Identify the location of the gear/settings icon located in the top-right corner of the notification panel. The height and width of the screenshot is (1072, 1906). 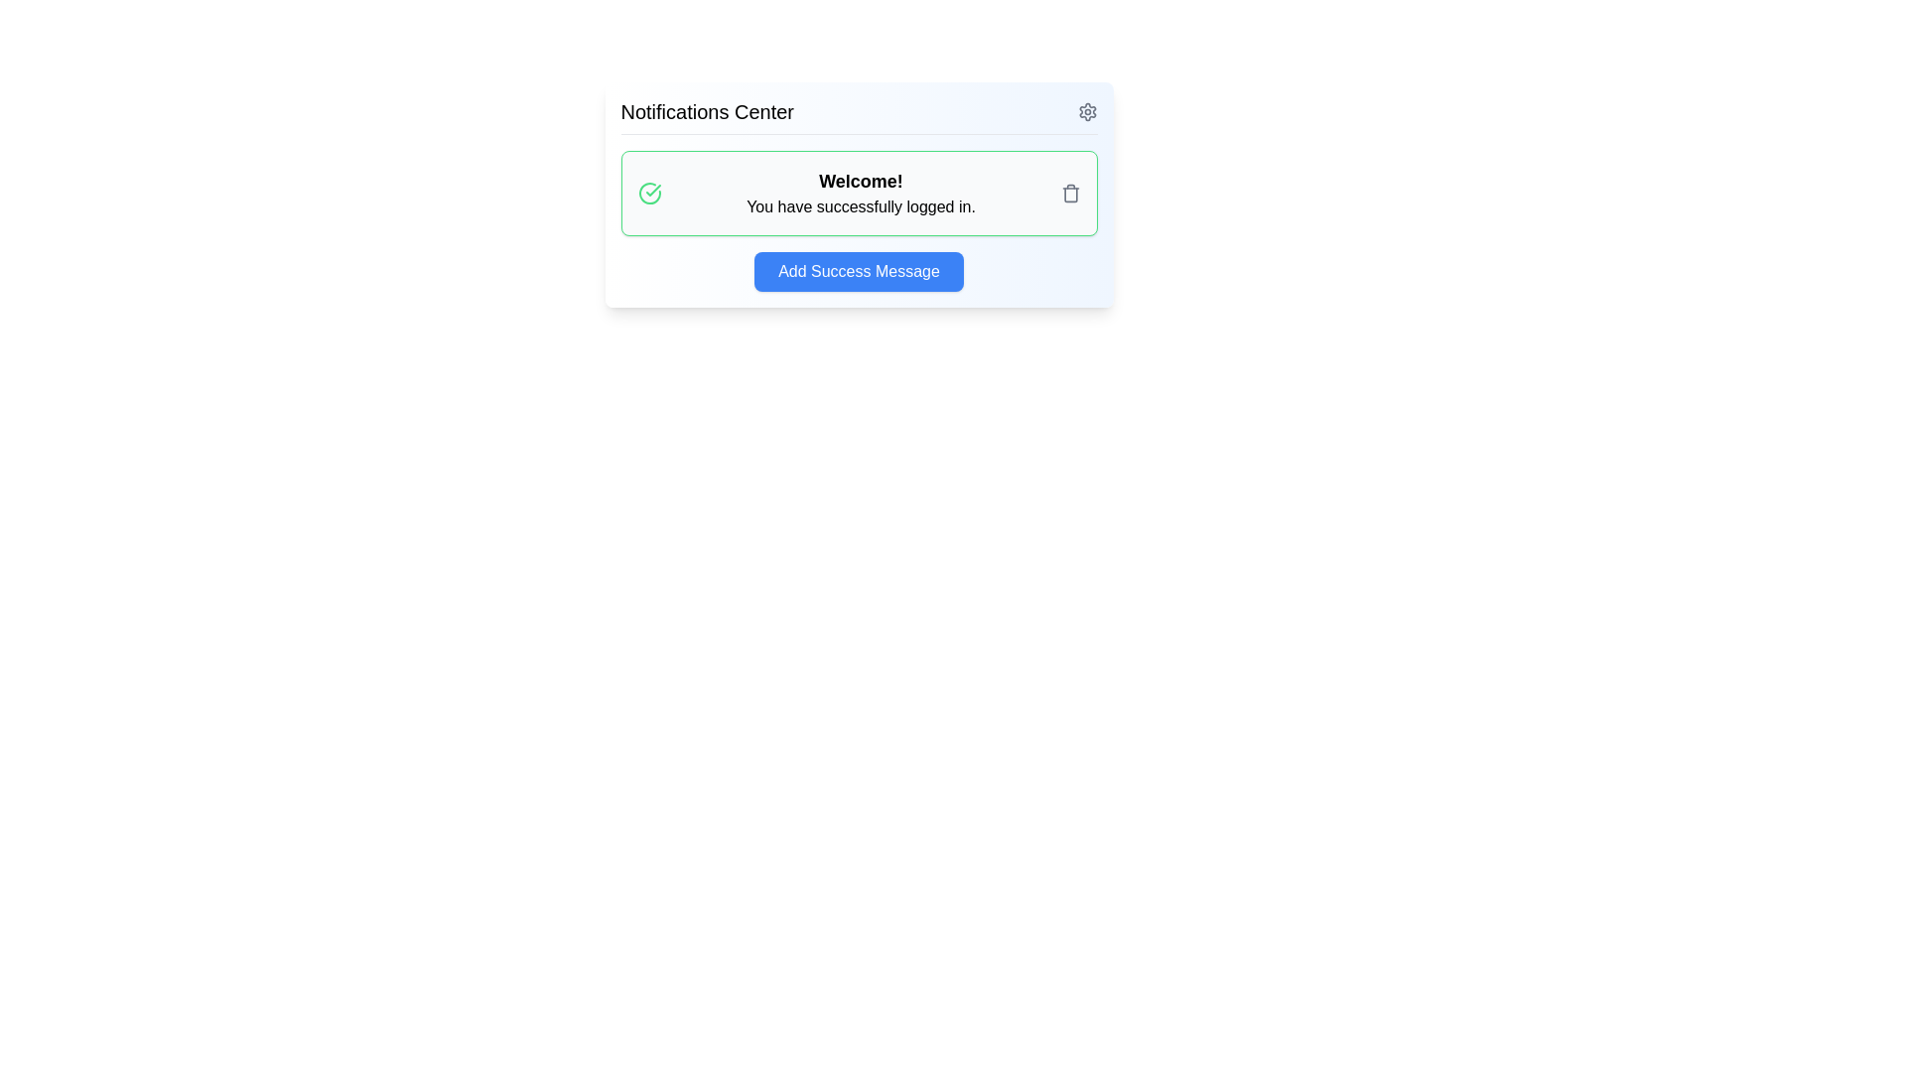
(1086, 111).